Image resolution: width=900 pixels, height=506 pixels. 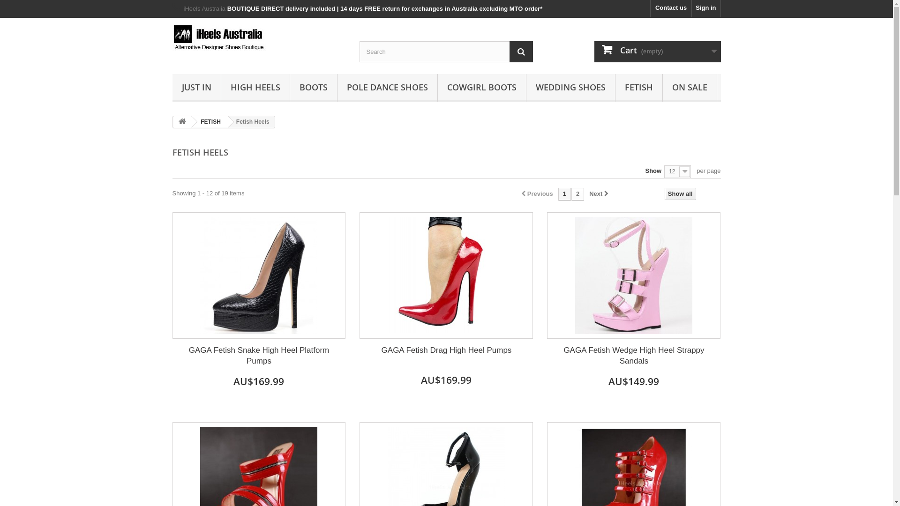 What do you see at coordinates (706, 8) in the screenshot?
I see `'Sign in'` at bounding box center [706, 8].